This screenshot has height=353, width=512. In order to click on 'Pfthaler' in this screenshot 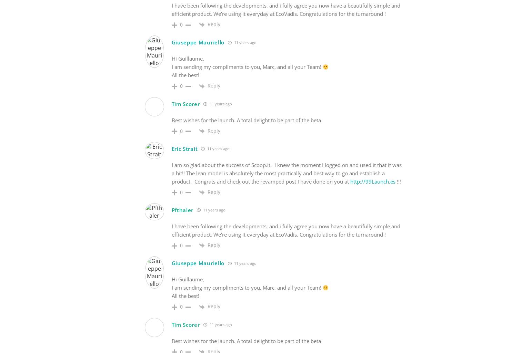, I will do `click(182, 209)`.